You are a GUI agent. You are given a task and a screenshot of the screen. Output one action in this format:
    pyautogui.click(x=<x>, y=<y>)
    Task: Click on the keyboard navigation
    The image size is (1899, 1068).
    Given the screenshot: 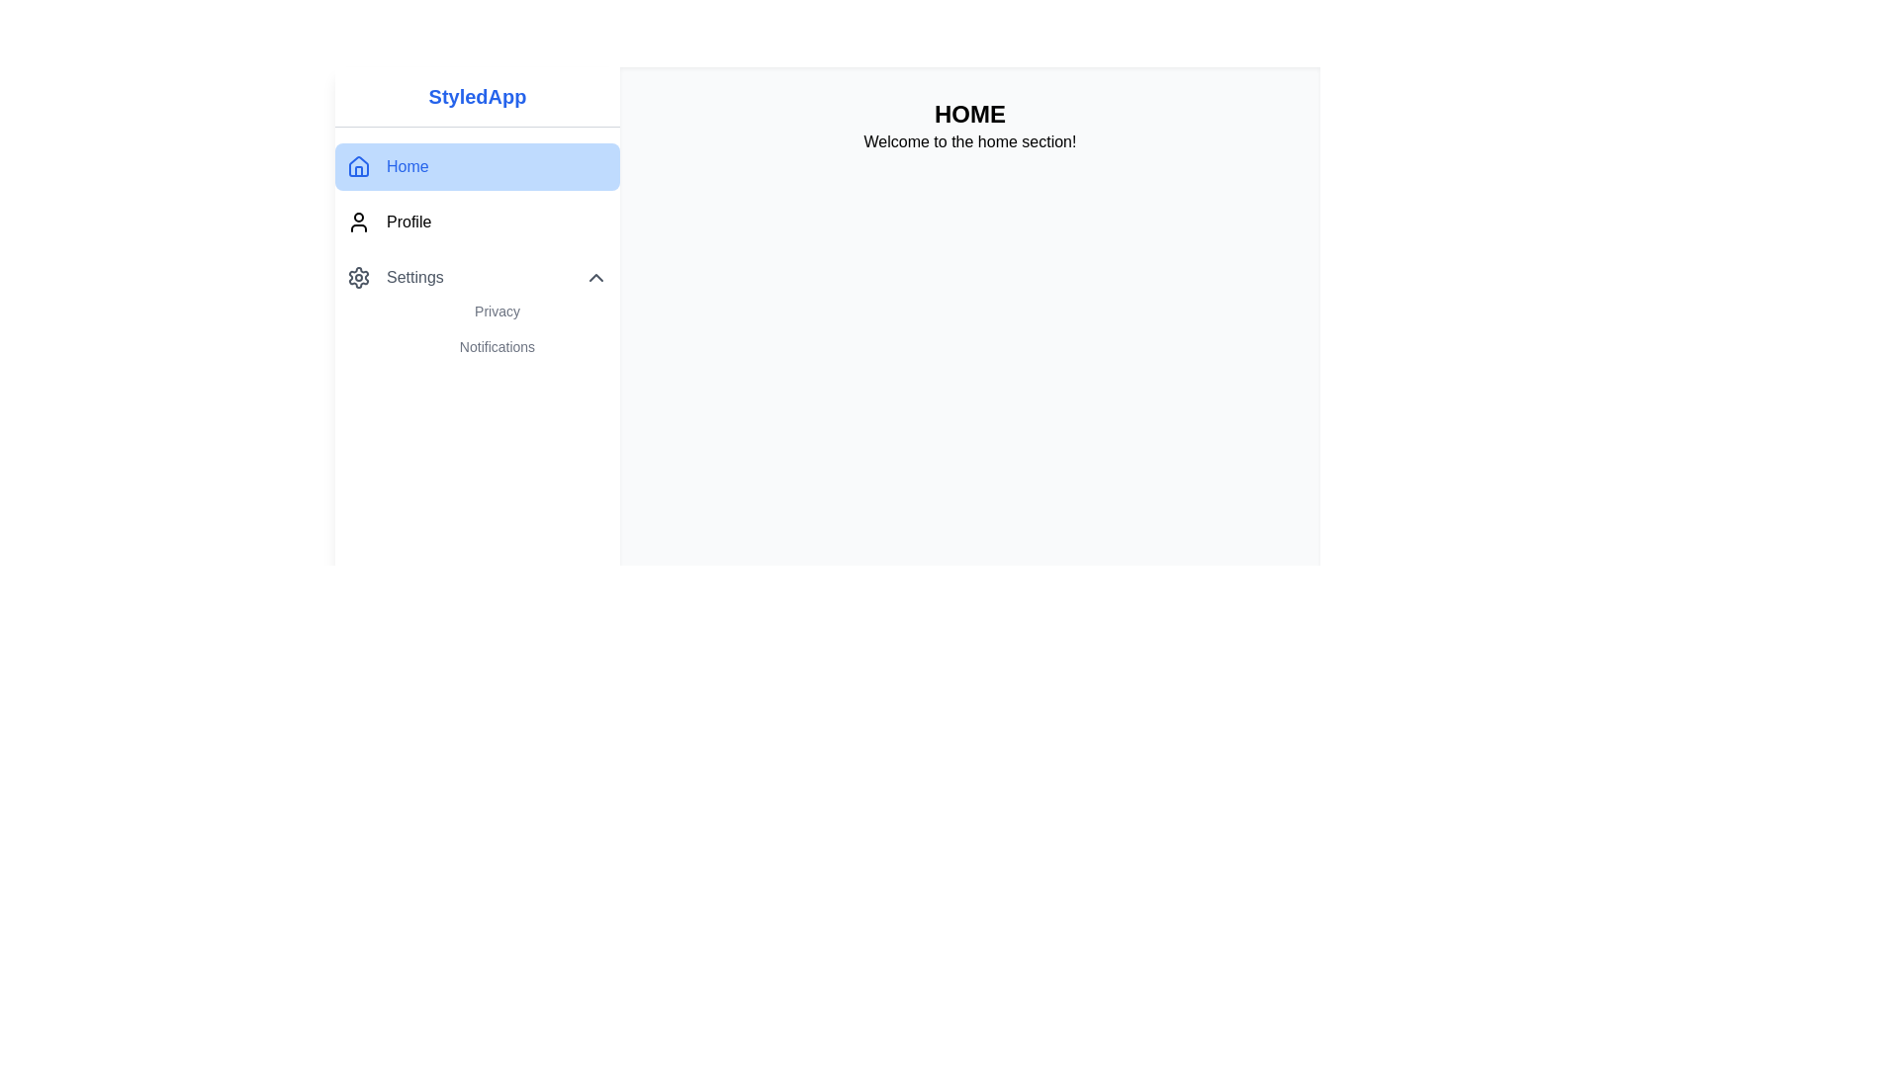 What is the action you would take?
    pyautogui.click(x=478, y=278)
    